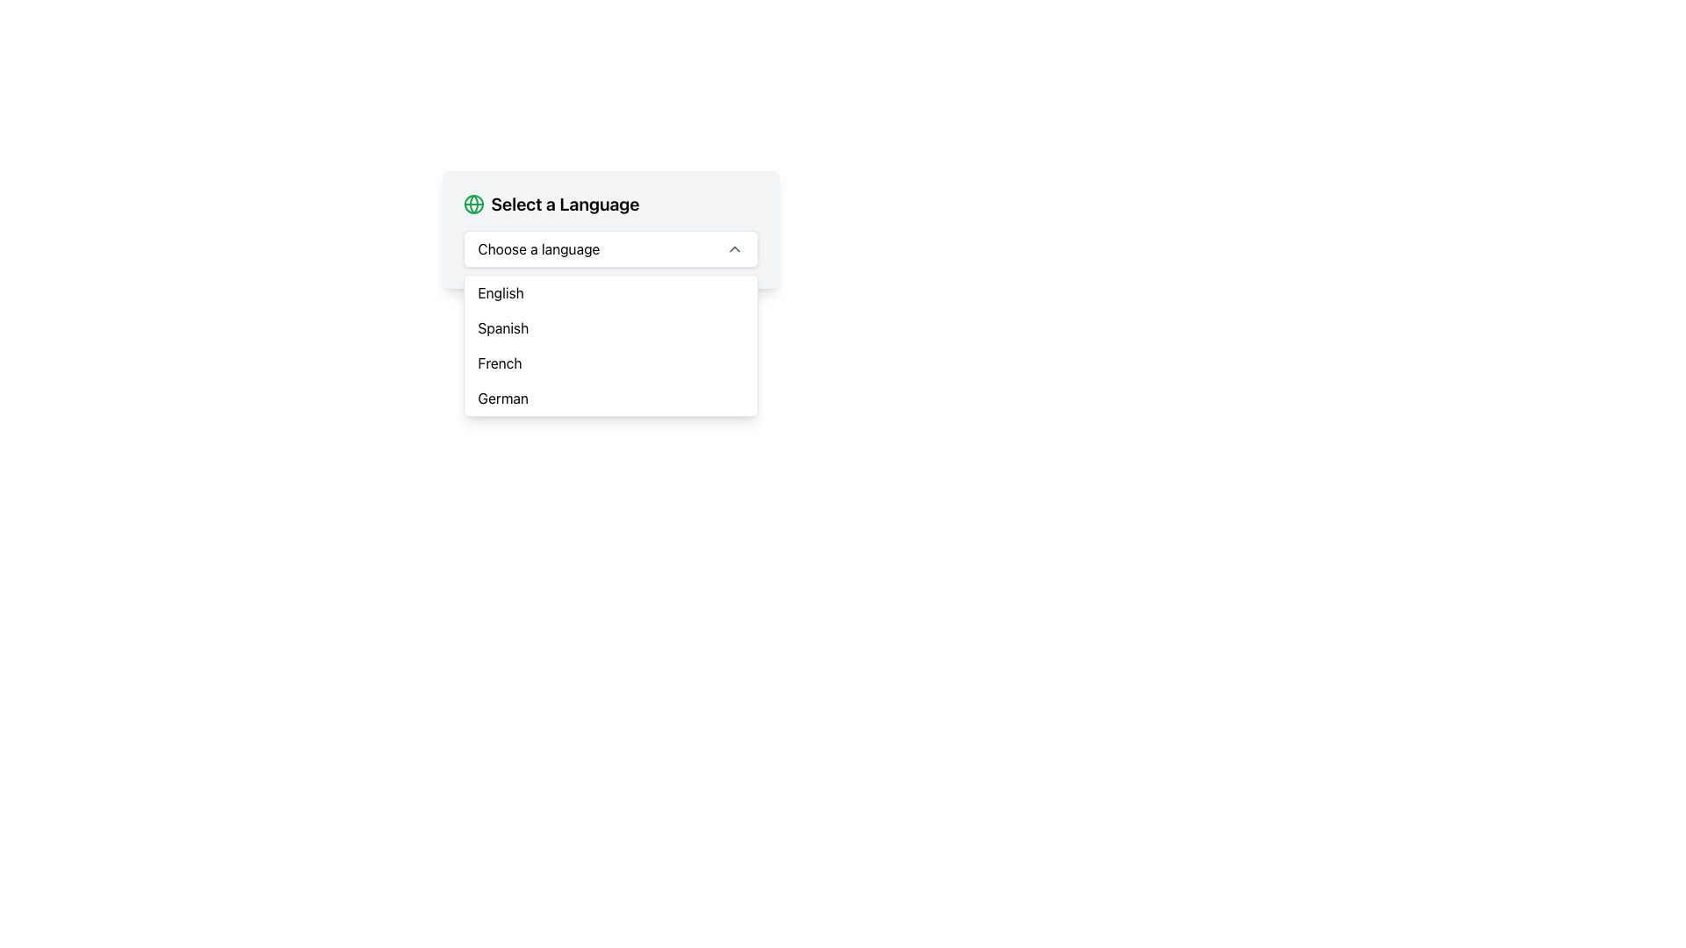 The image size is (1686, 948). I want to click on the dropdown list item labeled 'English', so click(500, 292).